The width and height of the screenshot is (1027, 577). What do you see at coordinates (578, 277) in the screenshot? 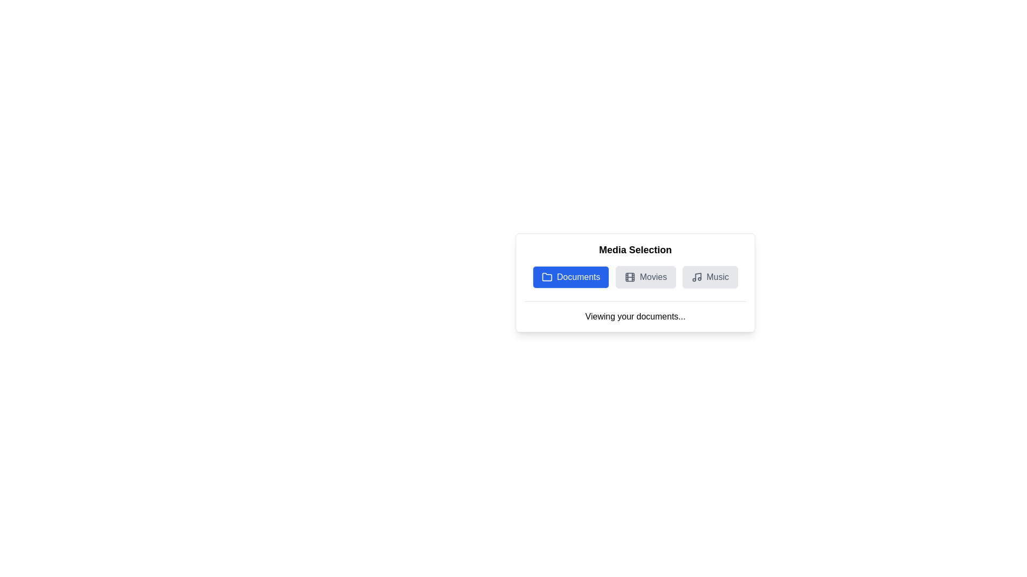
I see `the 'Documents' button label, which is a static text component in white font on a blue rounded rectangular background, positioned as the first selectable option in a group` at bounding box center [578, 277].